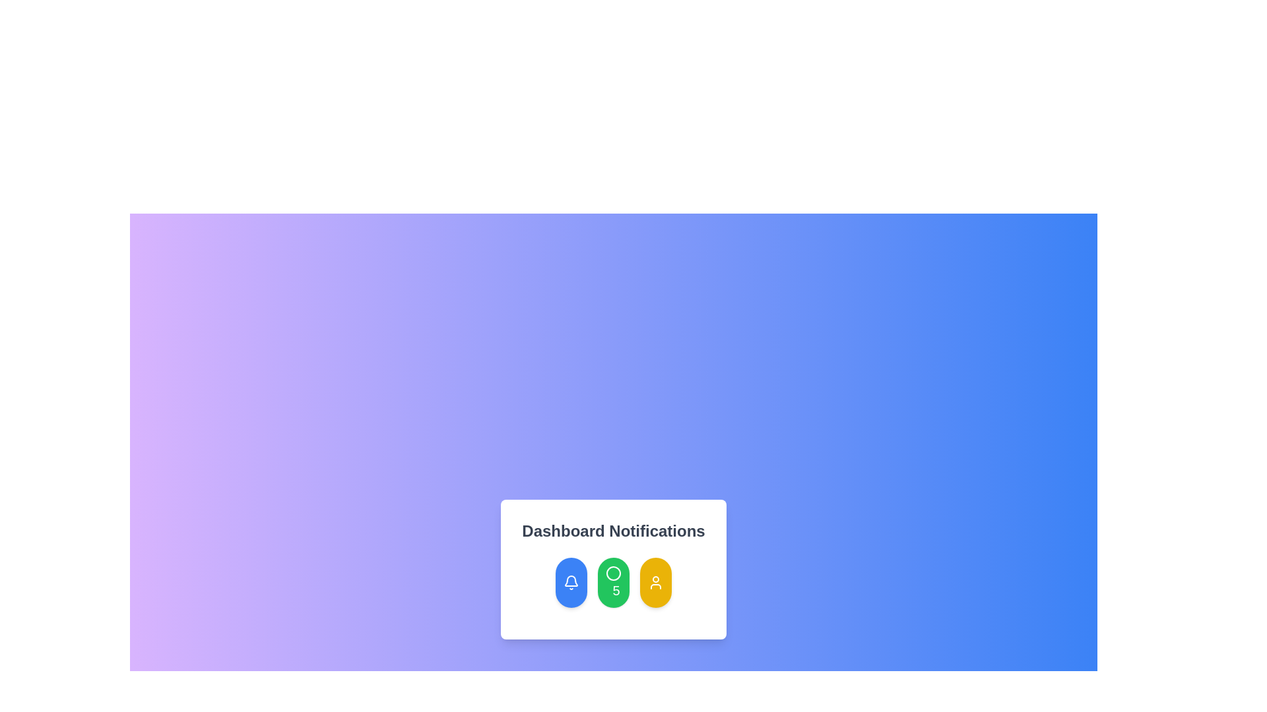 The width and height of the screenshot is (1267, 712). What do you see at coordinates (655, 581) in the screenshot?
I see `the profile icon button located at the bottom right of the 'Dashboard Notifications' card` at bounding box center [655, 581].